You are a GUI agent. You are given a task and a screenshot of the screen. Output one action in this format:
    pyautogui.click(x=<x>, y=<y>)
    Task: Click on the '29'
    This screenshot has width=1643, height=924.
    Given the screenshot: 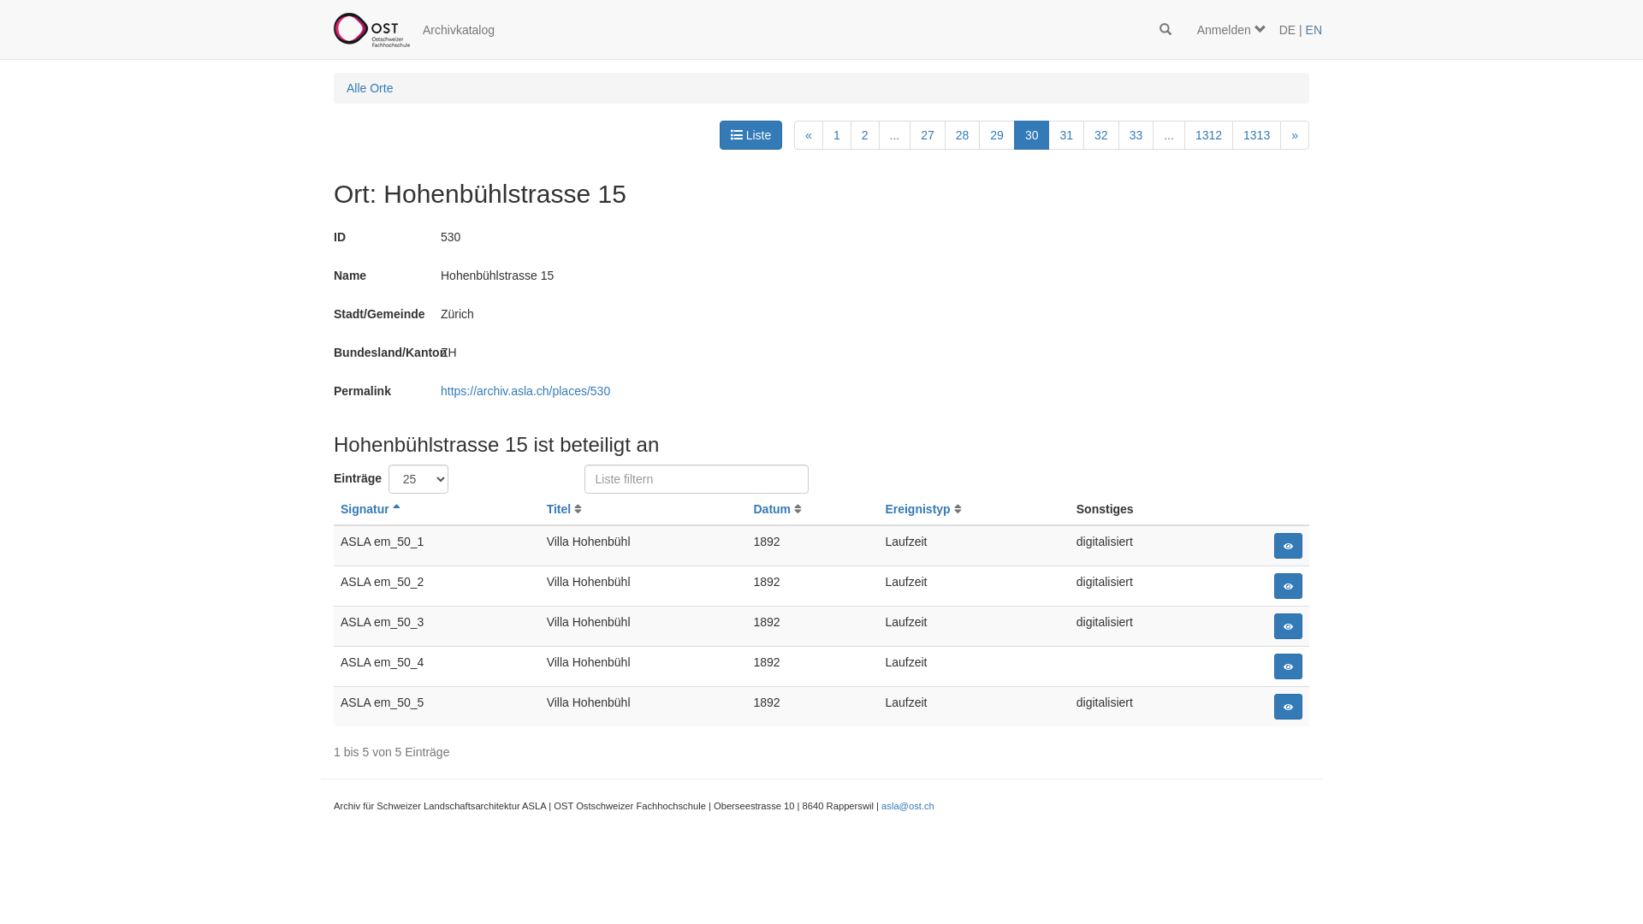 What is the action you would take?
    pyautogui.click(x=997, y=134)
    